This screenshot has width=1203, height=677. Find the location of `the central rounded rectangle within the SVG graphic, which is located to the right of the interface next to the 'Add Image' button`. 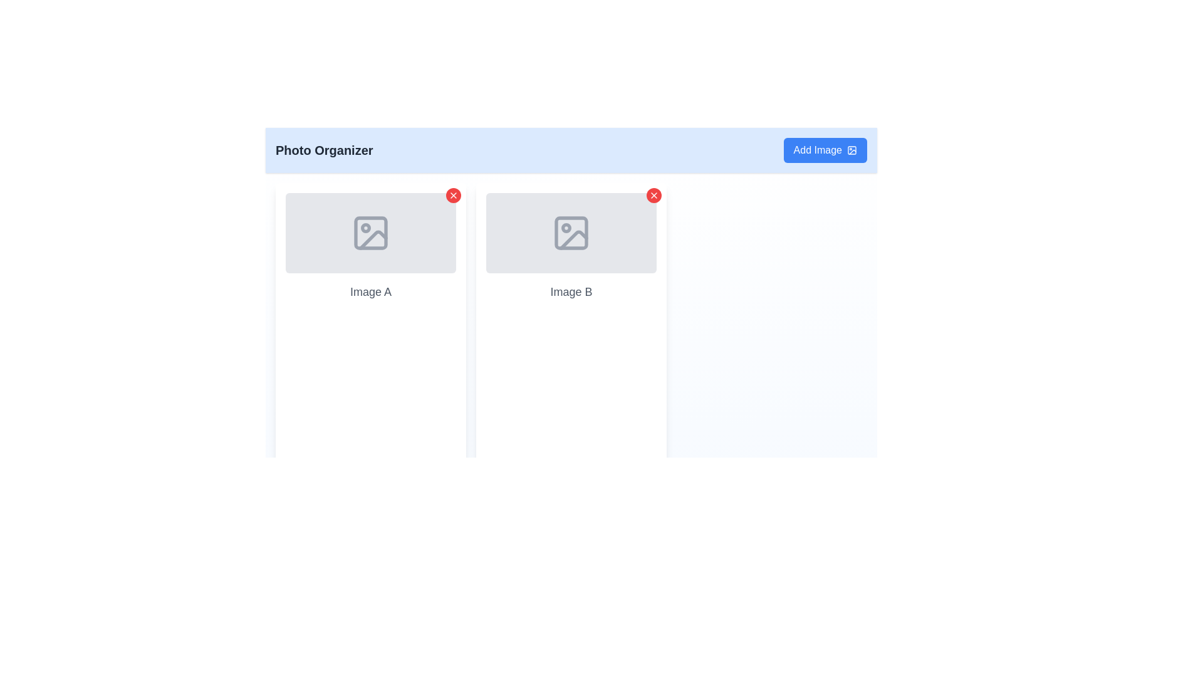

the central rounded rectangle within the SVG graphic, which is located to the right of the interface next to the 'Add Image' button is located at coordinates (851, 149).